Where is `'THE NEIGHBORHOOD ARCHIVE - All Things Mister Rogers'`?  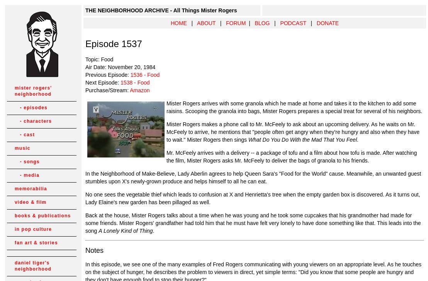 'THE NEIGHBORHOOD ARCHIVE - All Things Mister Rogers' is located at coordinates (85, 10).